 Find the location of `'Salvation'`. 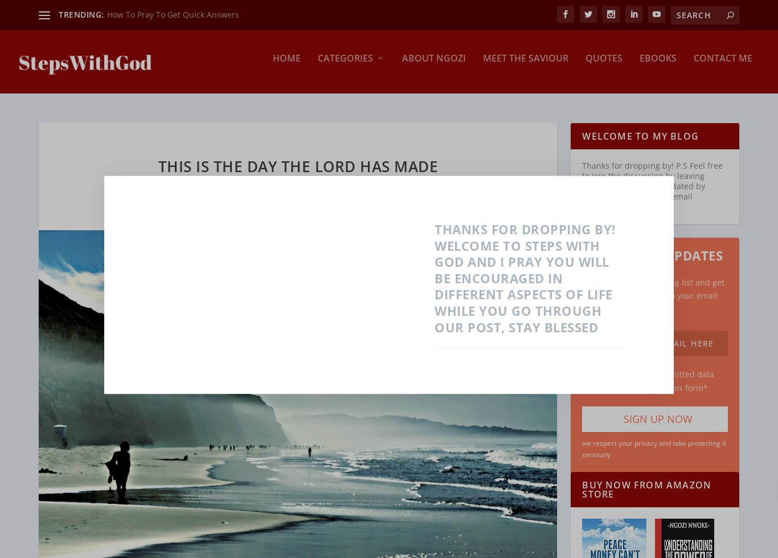

'Salvation' is located at coordinates (422, 139).